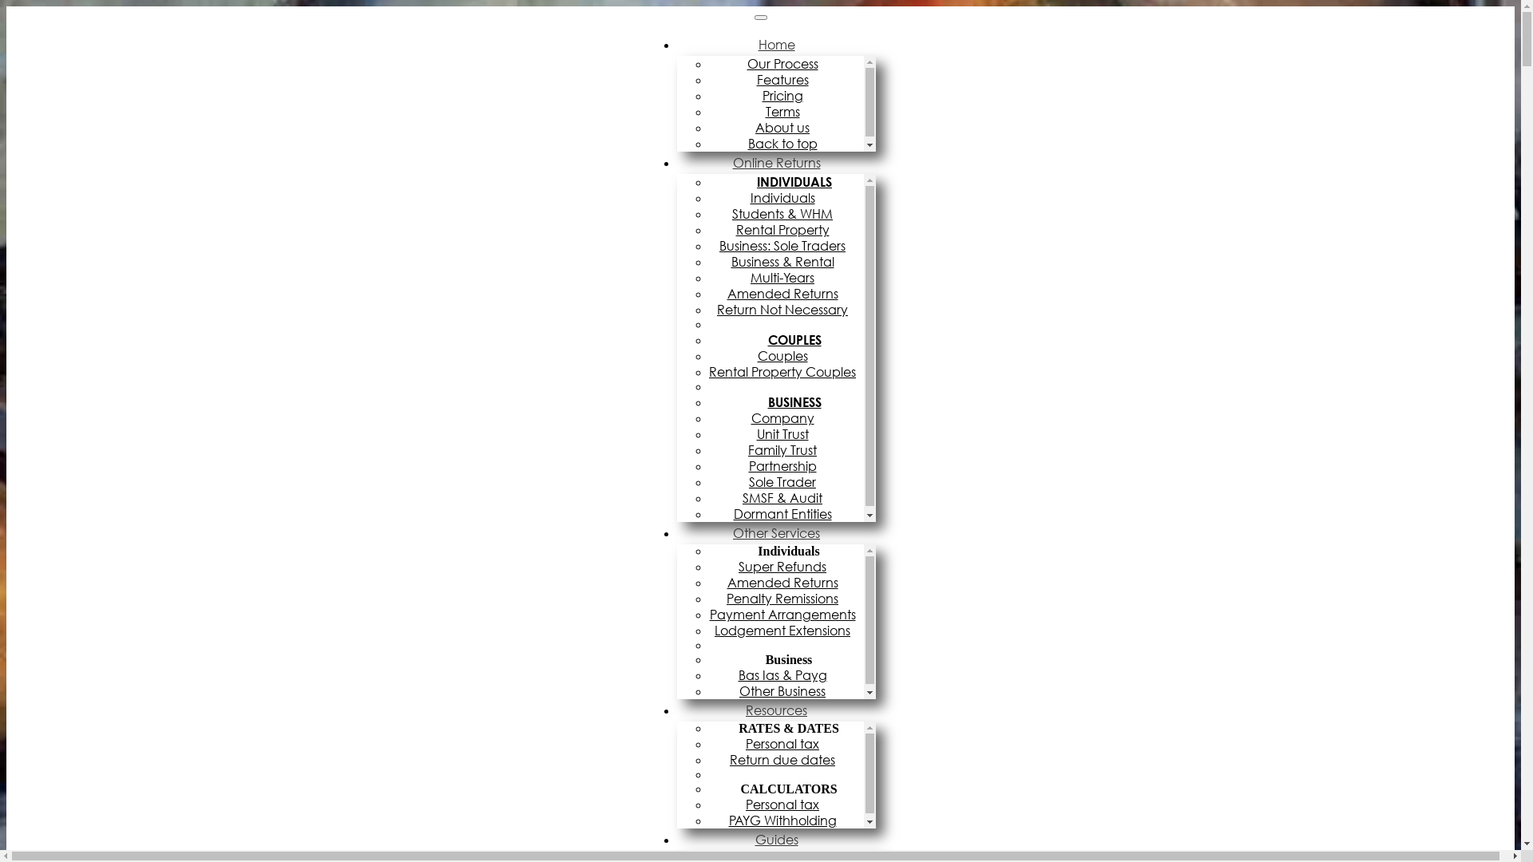  What do you see at coordinates (786, 401) in the screenshot?
I see `'BUSINESS'` at bounding box center [786, 401].